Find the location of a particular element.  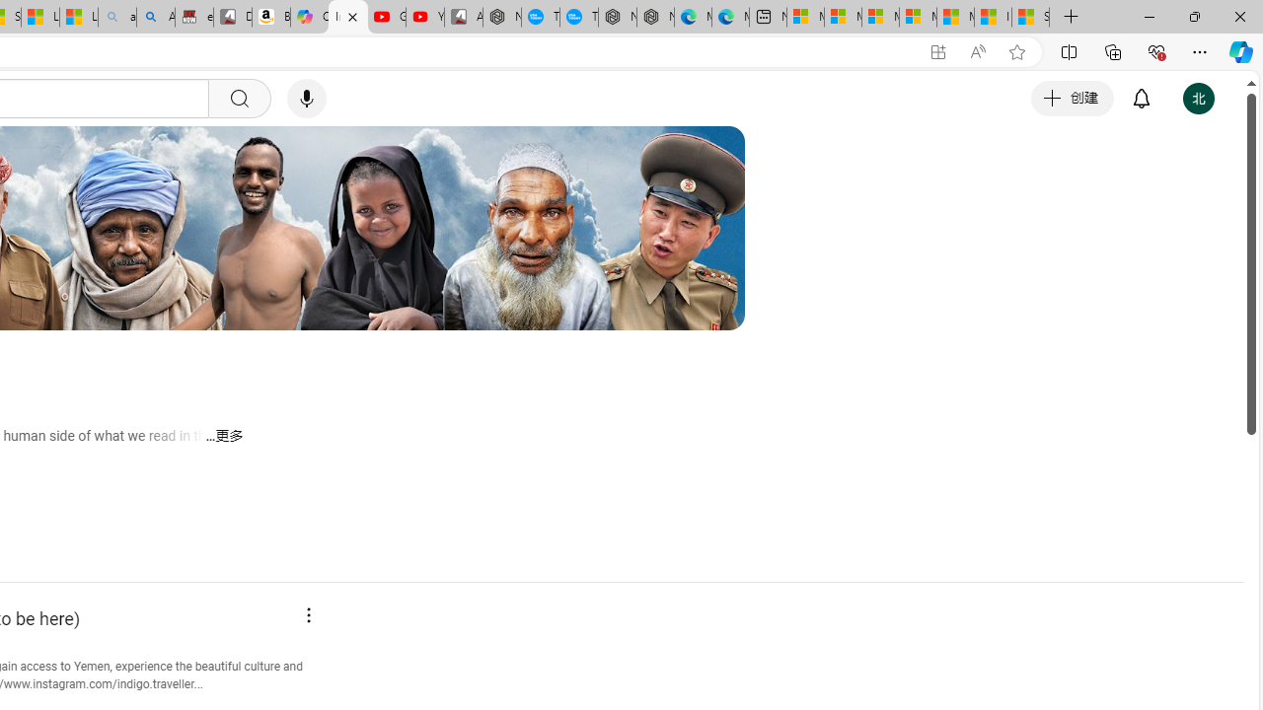

'App available. Install YouTube' is located at coordinates (937, 51).